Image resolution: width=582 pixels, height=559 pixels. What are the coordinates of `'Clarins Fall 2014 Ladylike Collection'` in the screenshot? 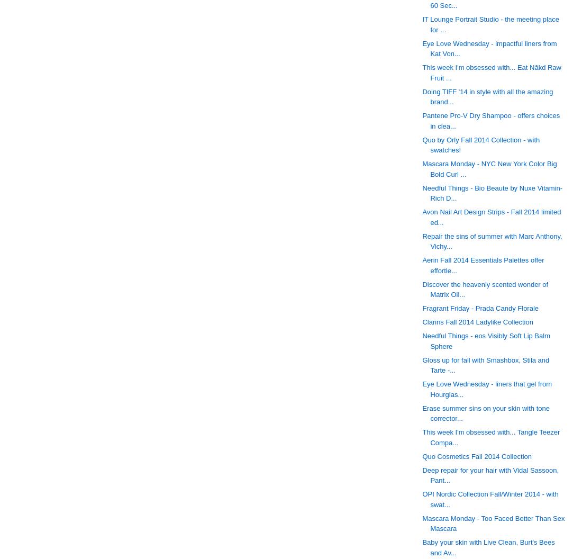 It's located at (477, 321).